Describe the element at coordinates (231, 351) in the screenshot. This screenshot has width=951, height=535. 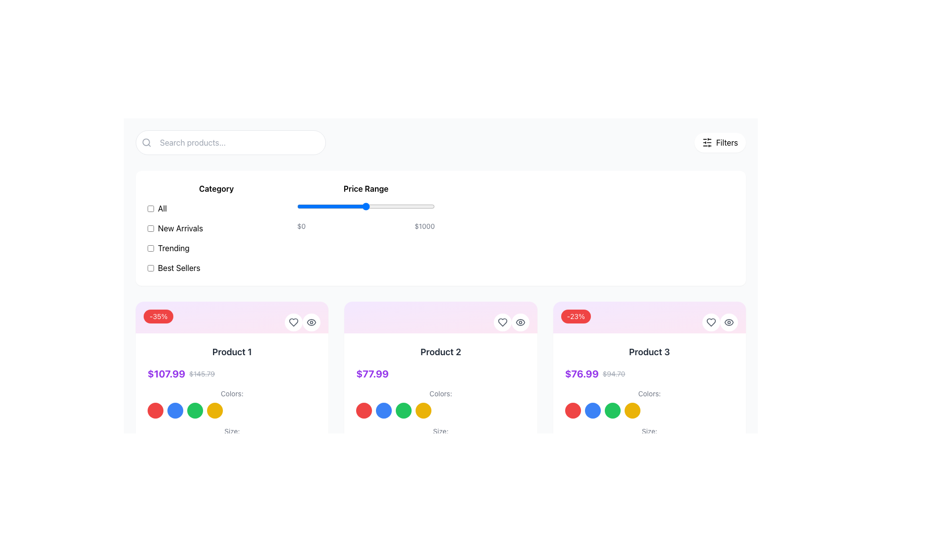
I see `the text label displaying 'Product 1' in bold, dark gray font at the top of the product card` at that location.